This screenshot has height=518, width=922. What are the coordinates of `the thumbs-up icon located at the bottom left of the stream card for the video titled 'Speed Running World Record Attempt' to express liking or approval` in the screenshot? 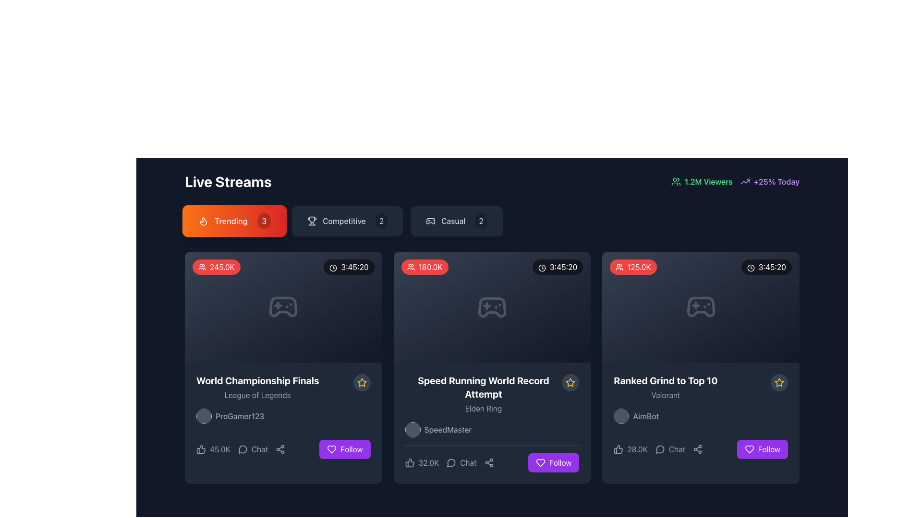 It's located at (410, 462).